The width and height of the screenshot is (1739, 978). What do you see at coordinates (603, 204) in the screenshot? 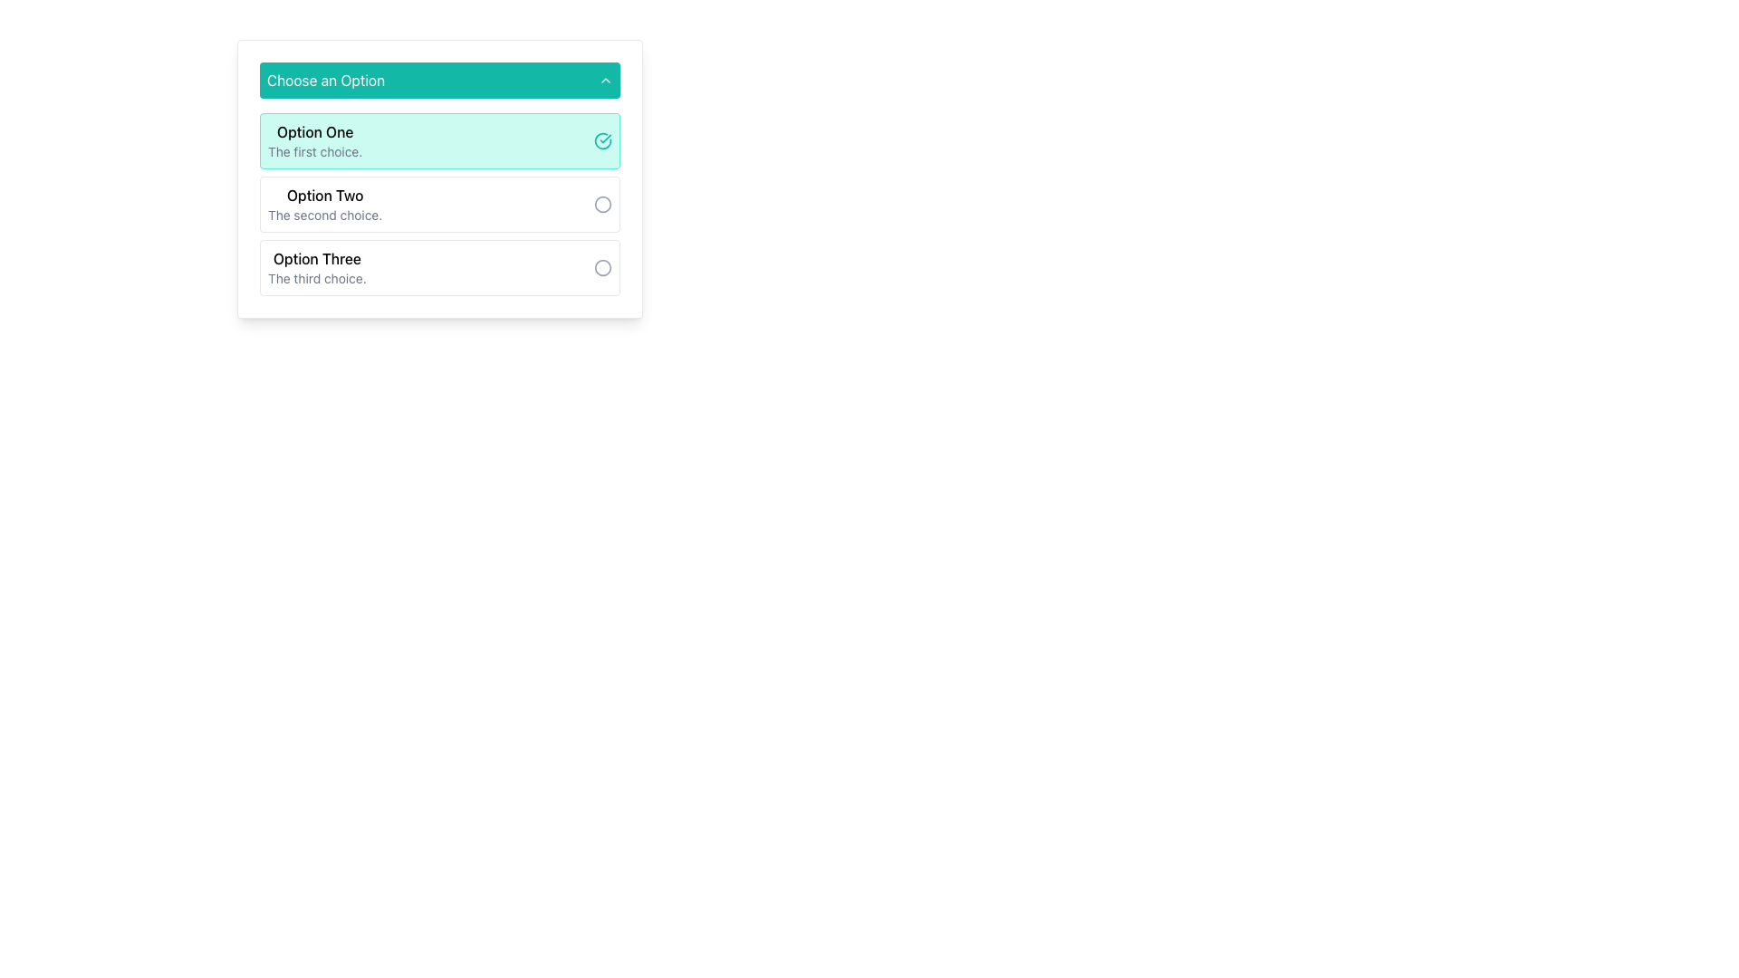
I see `the circular toggle indicator at the rightmost end of the row labeled 'Option Two'` at bounding box center [603, 204].